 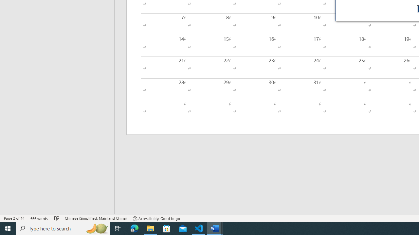 I want to click on 'Type here to search', so click(x=63, y=228).